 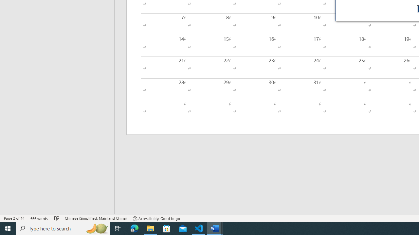 I want to click on 'Type here to search', so click(x=63, y=228).